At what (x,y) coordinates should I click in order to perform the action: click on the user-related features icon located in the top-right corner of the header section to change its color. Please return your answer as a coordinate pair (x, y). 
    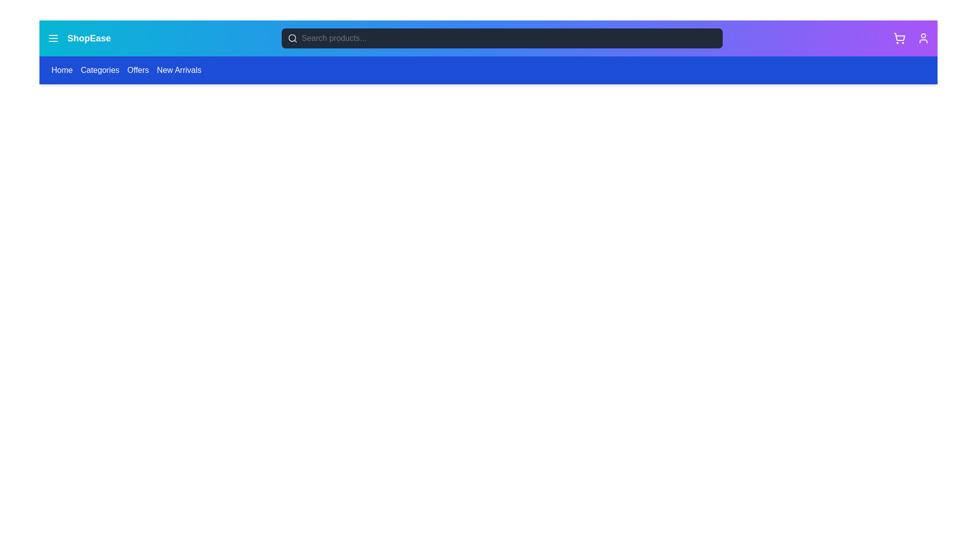
    Looking at the image, I should click on (923, 38).